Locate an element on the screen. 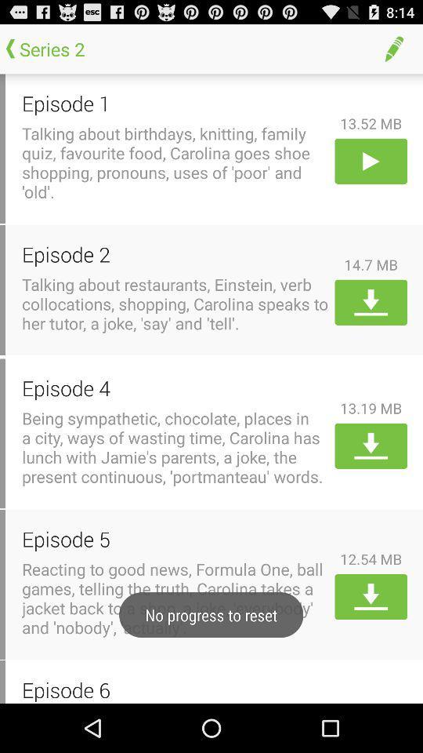 This screenshot has width=423, height=753. download content is located at coordinates (370, 446).